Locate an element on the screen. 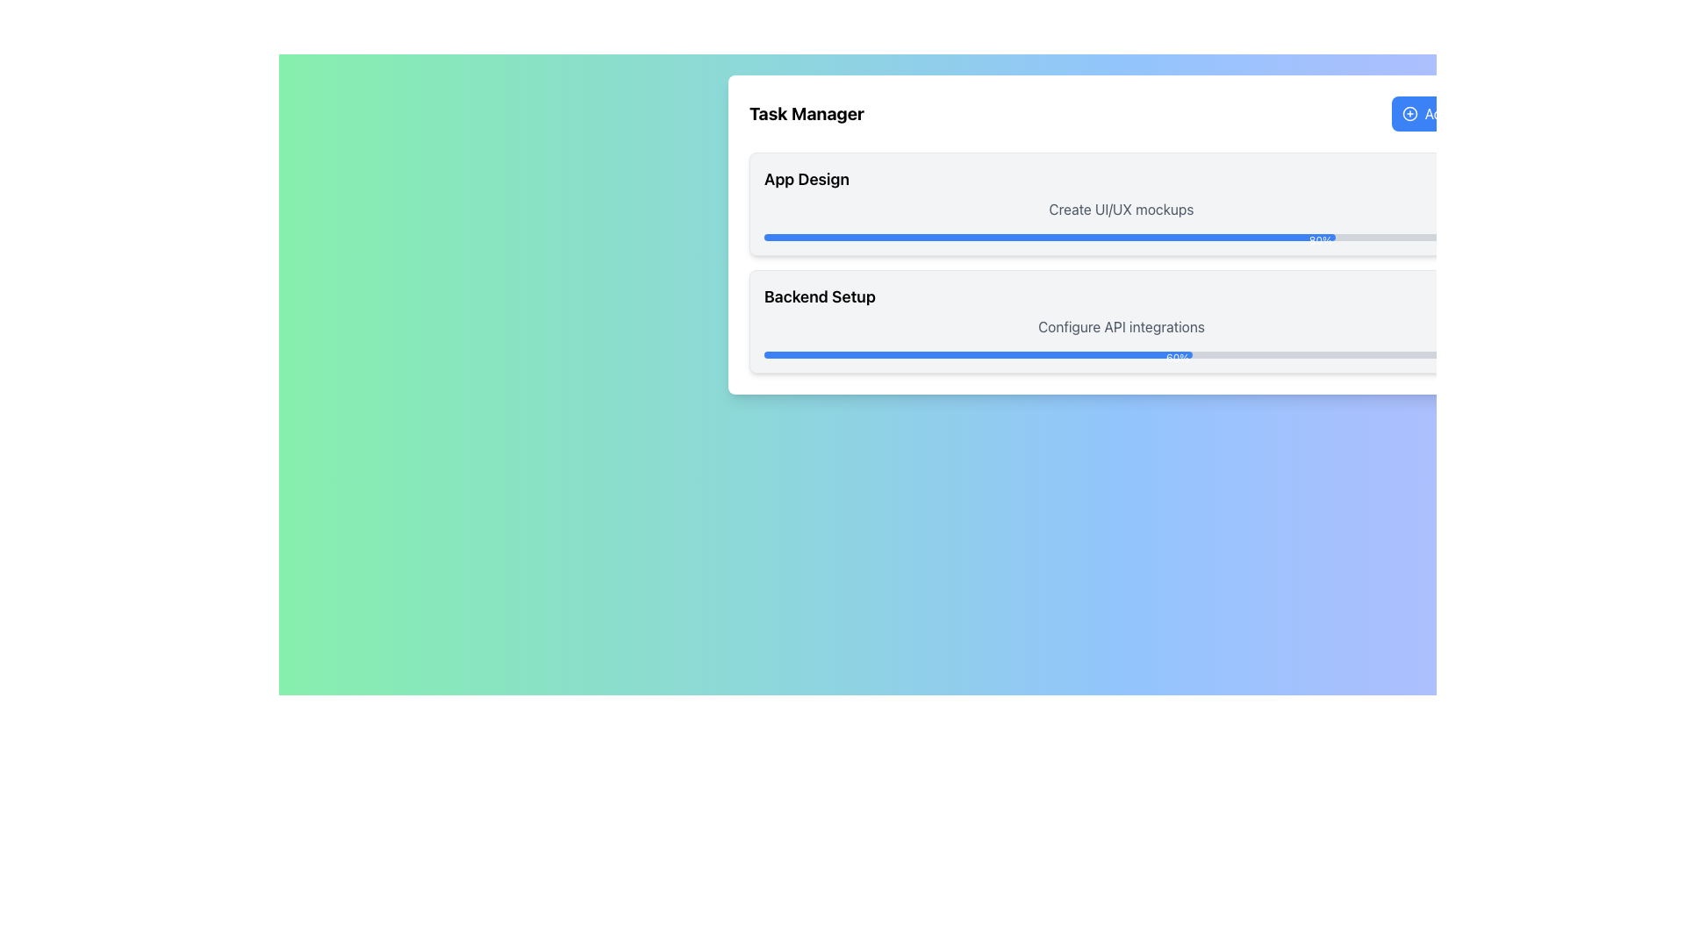 The image size is (1685, 947). the progress value of the Progress Bar indicating 80% completion, located within the 'App Design' card below the 'Create UI/UX mockups' text is located at coordinates (1120, 237).